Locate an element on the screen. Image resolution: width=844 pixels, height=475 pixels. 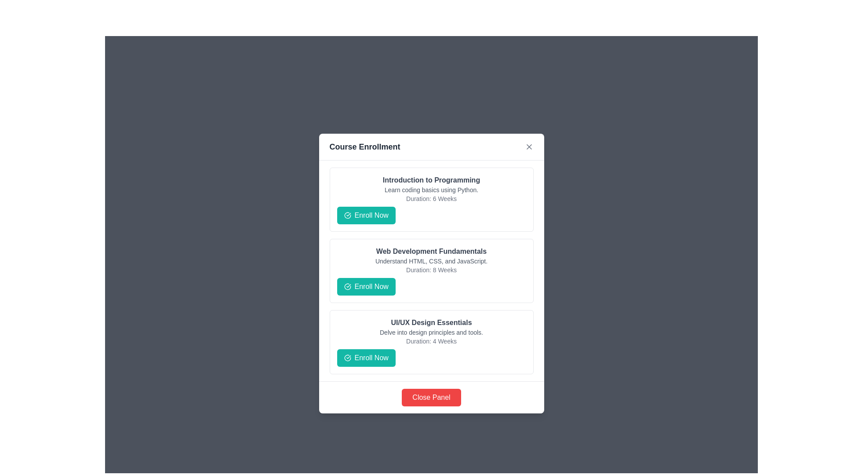
the Text Header that serves as the title or header indicating the content of the modal window is located at coordinates (365, 146).